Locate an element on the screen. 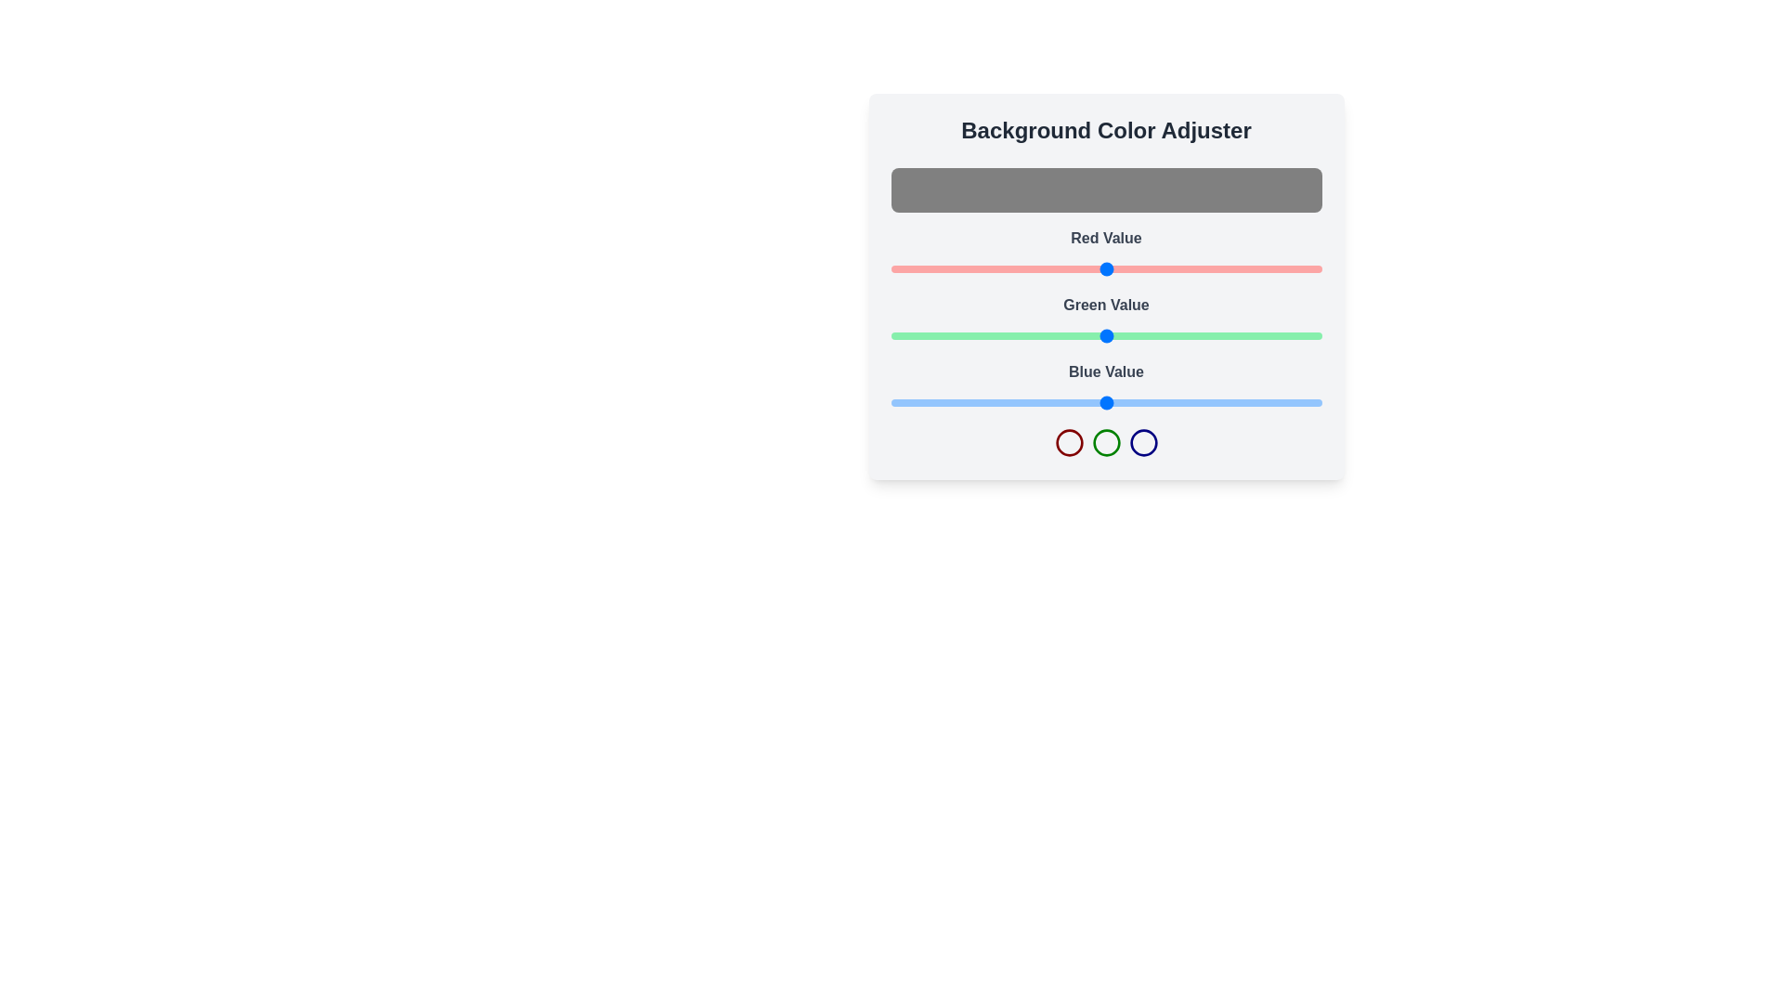 This screenshot has width=1783, height=1003. the green slider to set the green color value to 194 is located at coordinates (1218, 336).